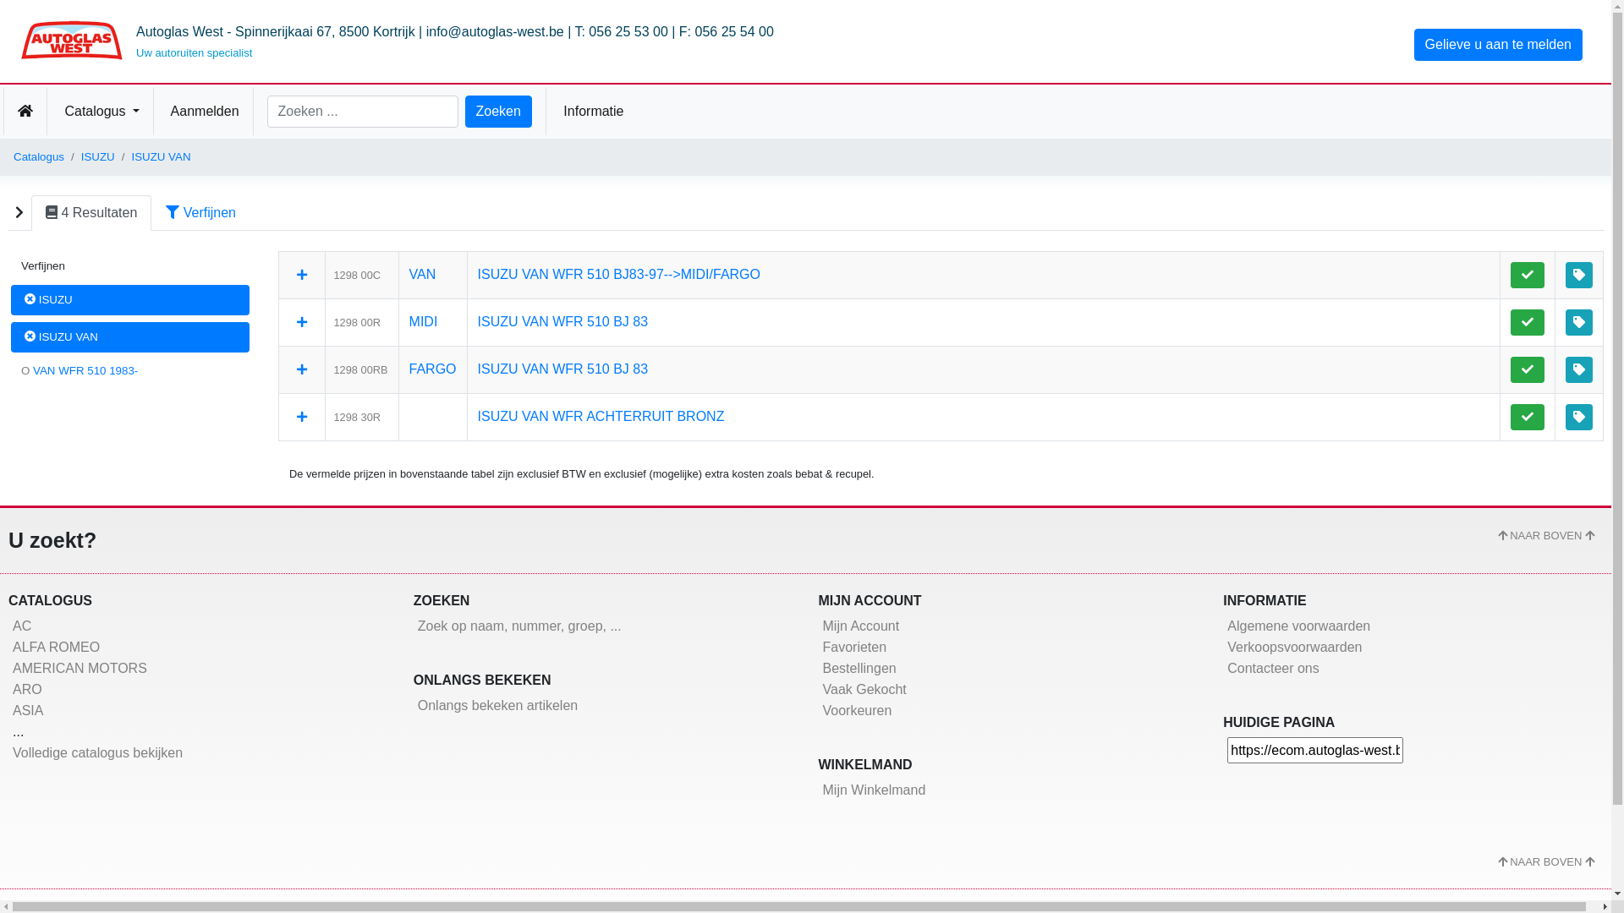 This screenshot has height=913, width=1624. Describe the element at coordinates (129, 370) in the screenshot. I see `'O VAN WFR 510 1983-'` at that location.